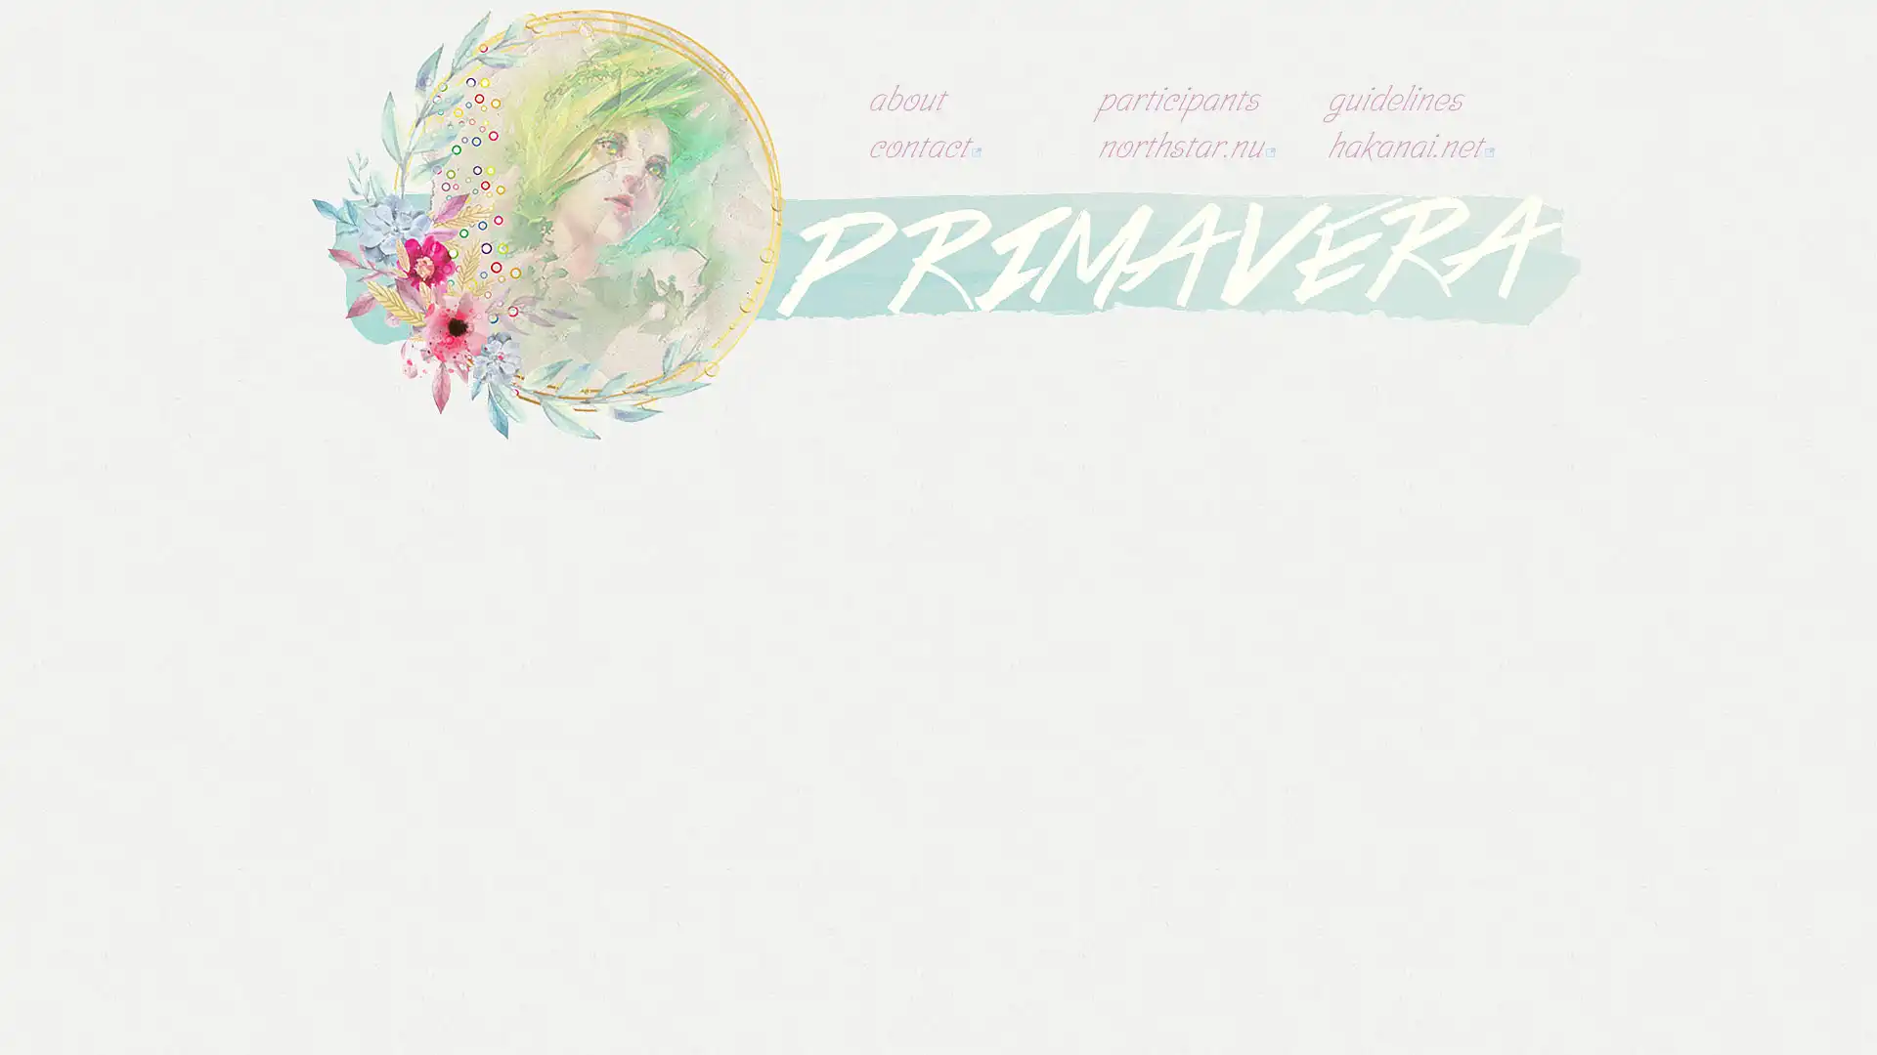  Describe the element at coordinates (1393, 98) in the screenshot. I see `guidelines` at that location.